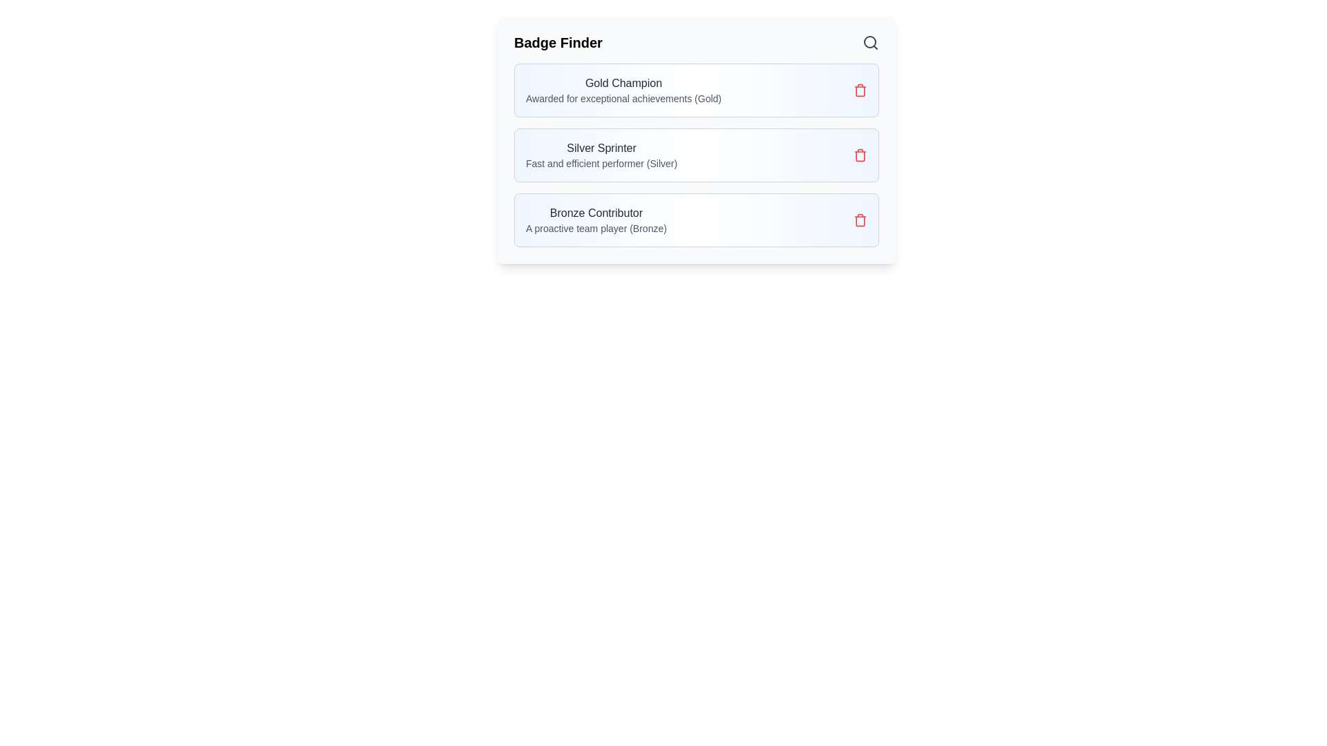 This screenshot has width=1327, height=746. Describe the element at coordinates (596, 220) in the screenshot. I see `title and description of the 'Bronze Contributor' badge from the text component located in the third badge card under the 'Badge Finder' heading` at that location.